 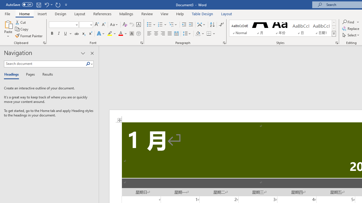 I want to click on 'Select', so click(x=351, y=35).